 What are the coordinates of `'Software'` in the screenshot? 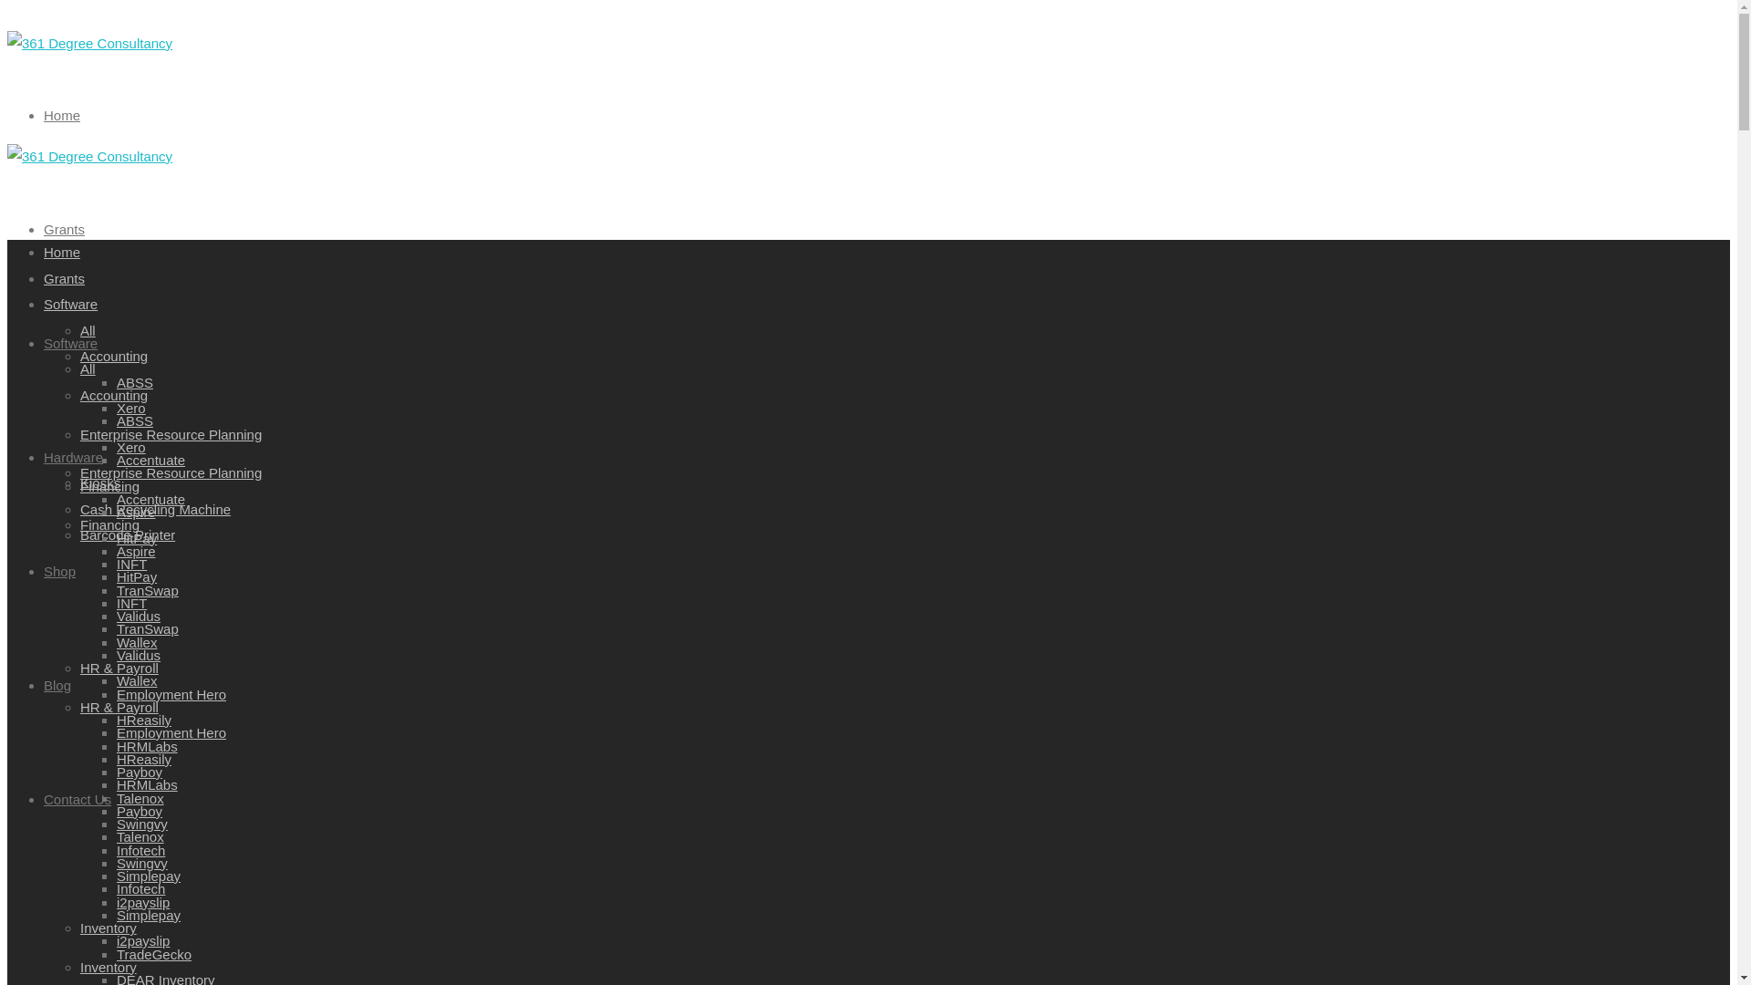 It's located at (70, 343).